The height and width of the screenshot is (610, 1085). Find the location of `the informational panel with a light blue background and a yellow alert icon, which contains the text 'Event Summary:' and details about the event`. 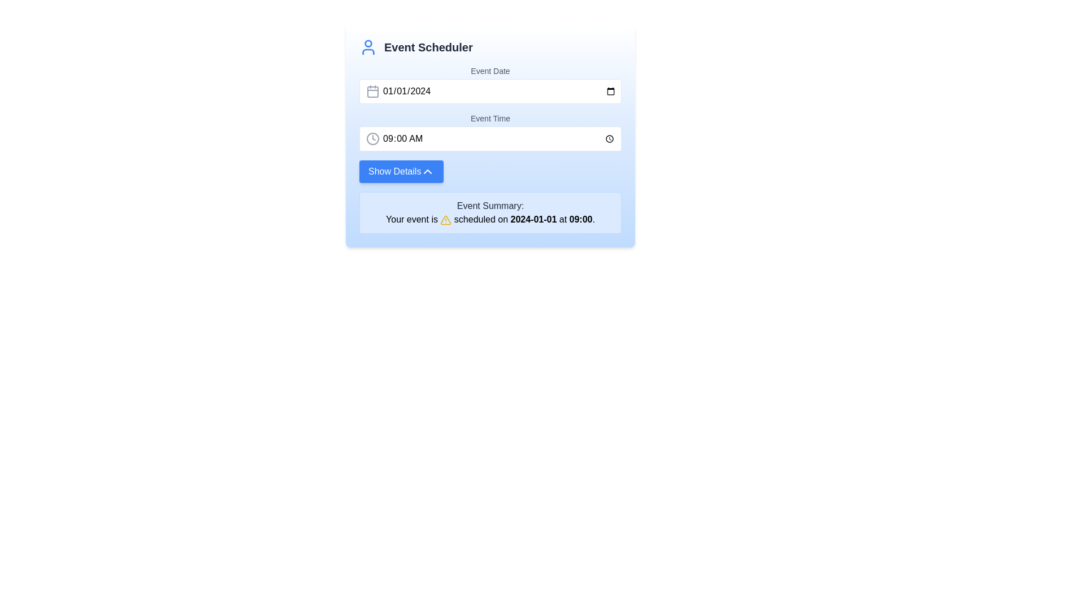

the informational panel with a light blue background and a yellow alert icon, which contains the text 'Event Summary:' and details about the event is located at coordinates (491, 213).